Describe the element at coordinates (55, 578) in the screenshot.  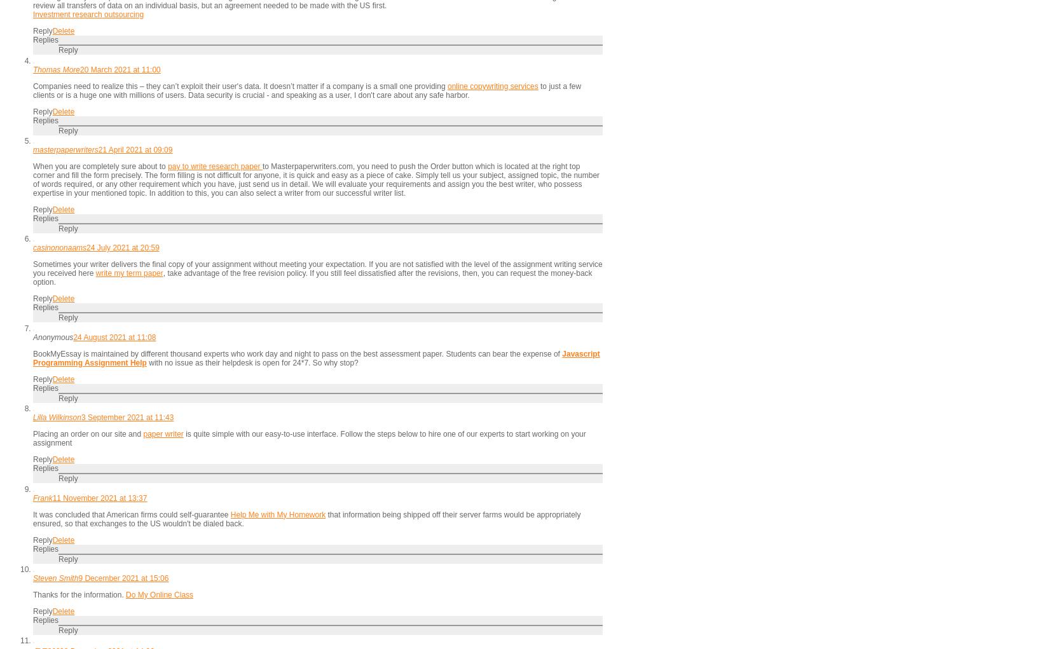
I see `'Steven Smith'` at that location.